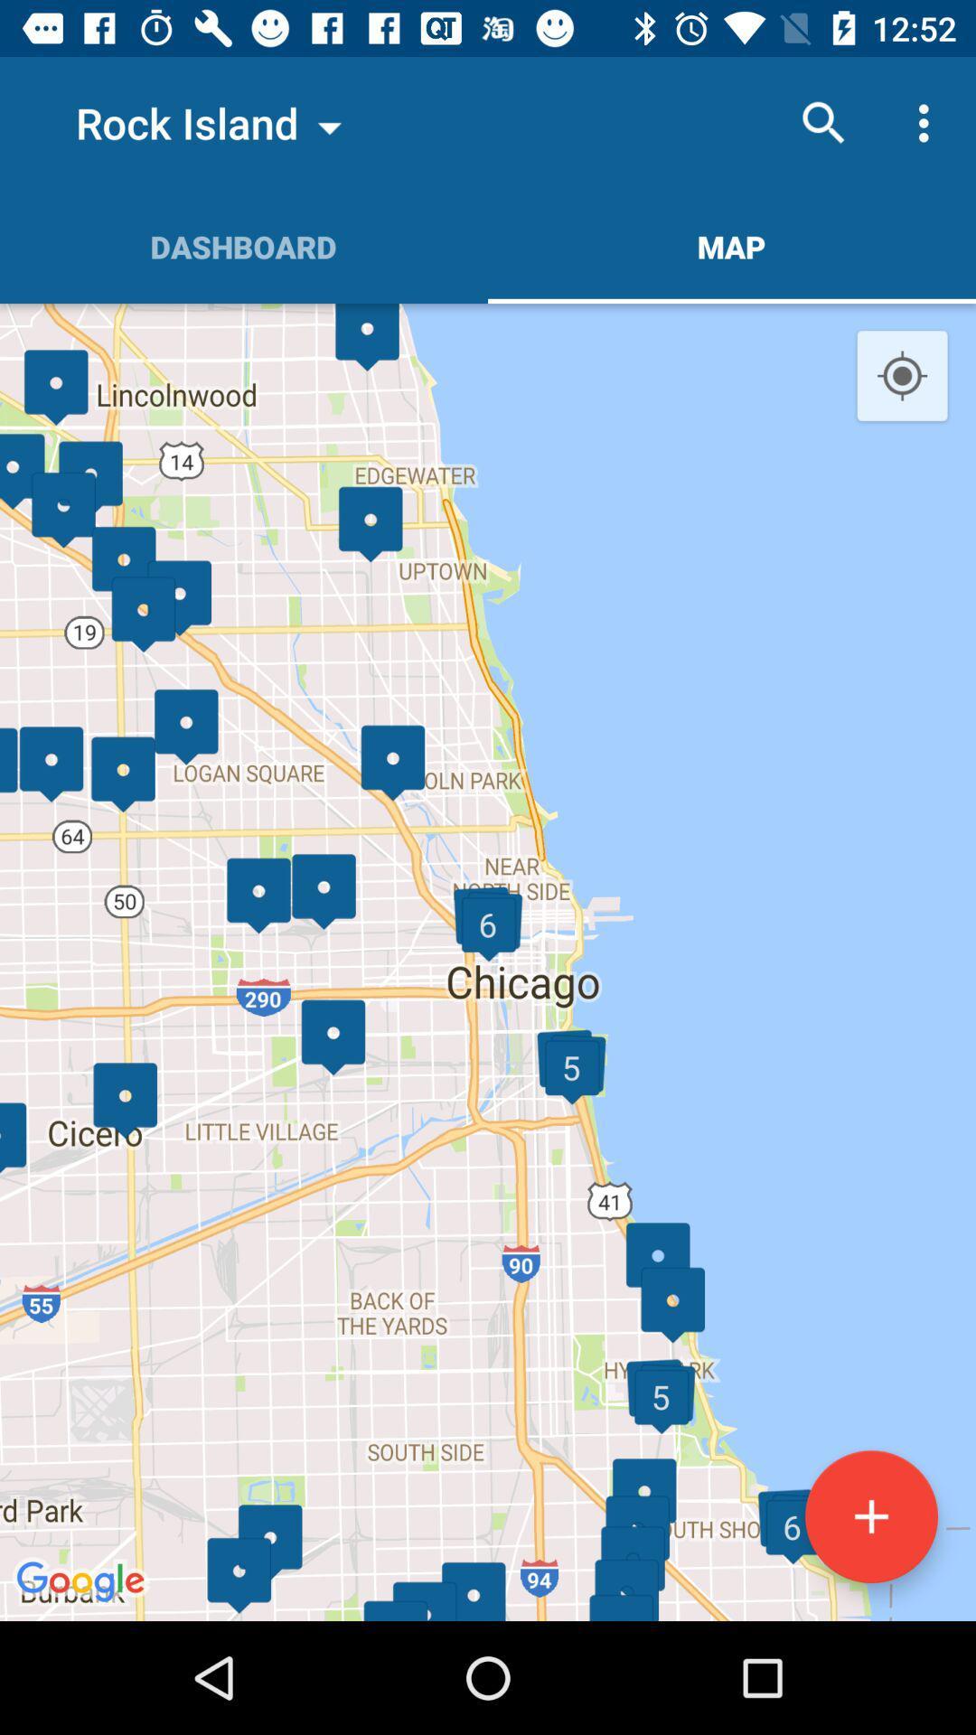  What do you see at coordinates (823, 122) in the screenshot?
I see `the item above map item` at bounding box center [823, 122].